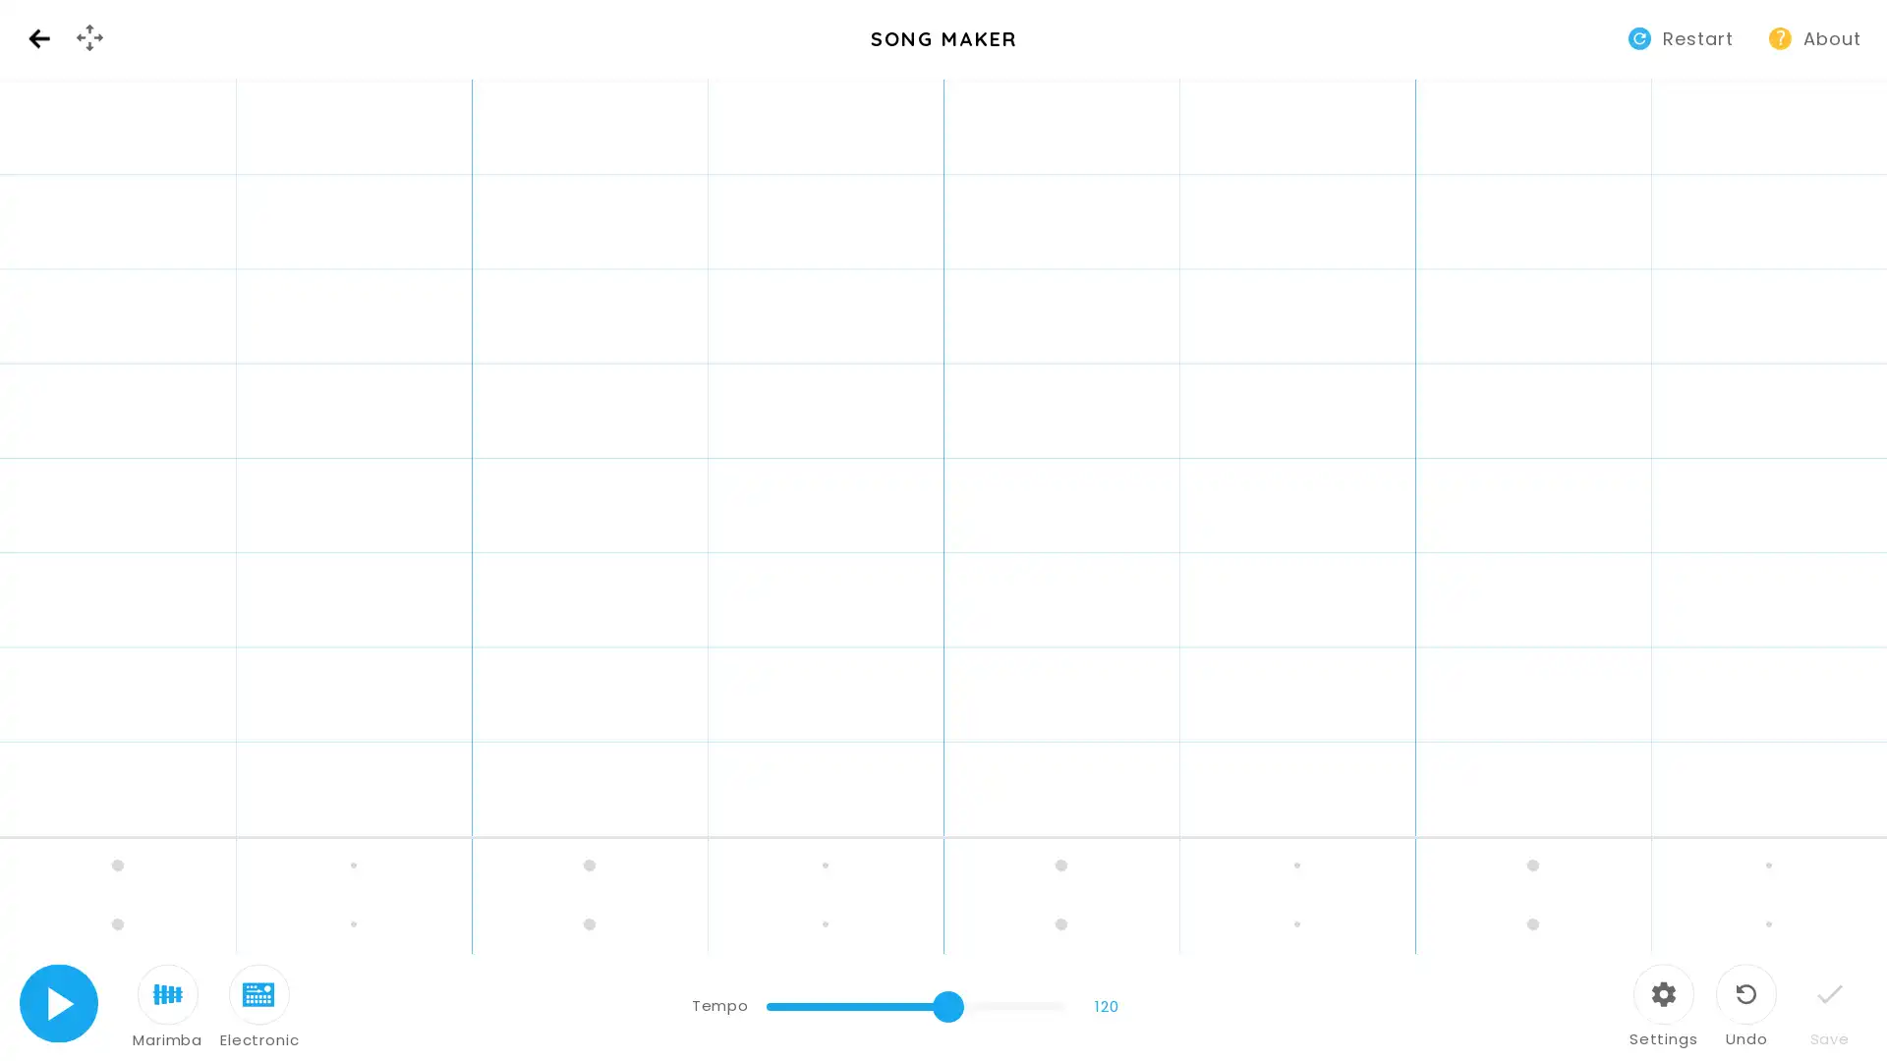  Describe the element at coordinates (1662, 1007) in the screenshot. I see `Settings` at that location.